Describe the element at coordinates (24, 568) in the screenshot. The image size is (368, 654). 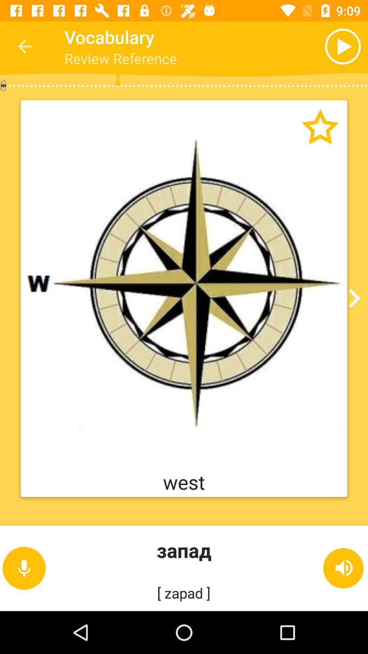
I see `the microphone icon` at that location.